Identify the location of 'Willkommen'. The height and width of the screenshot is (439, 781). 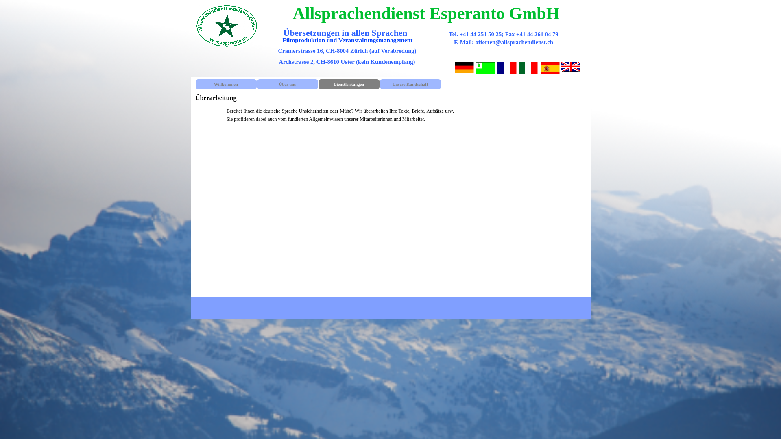
(226, 84).